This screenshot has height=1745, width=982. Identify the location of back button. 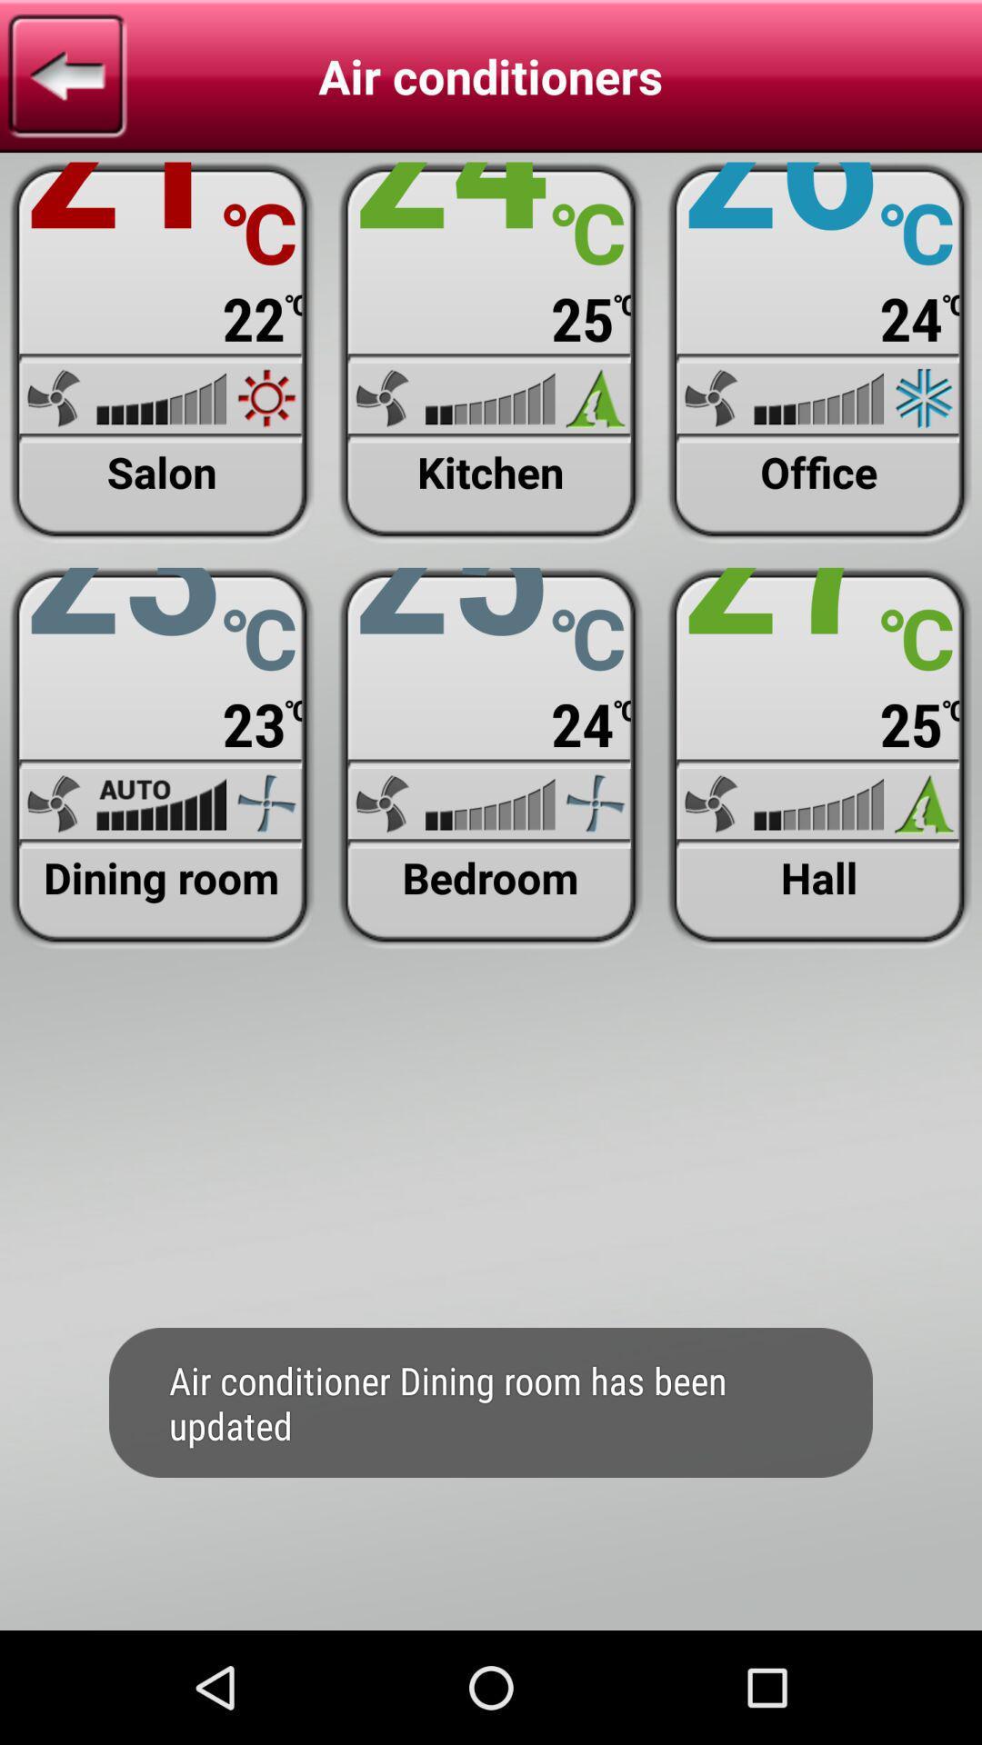
(66, 75).